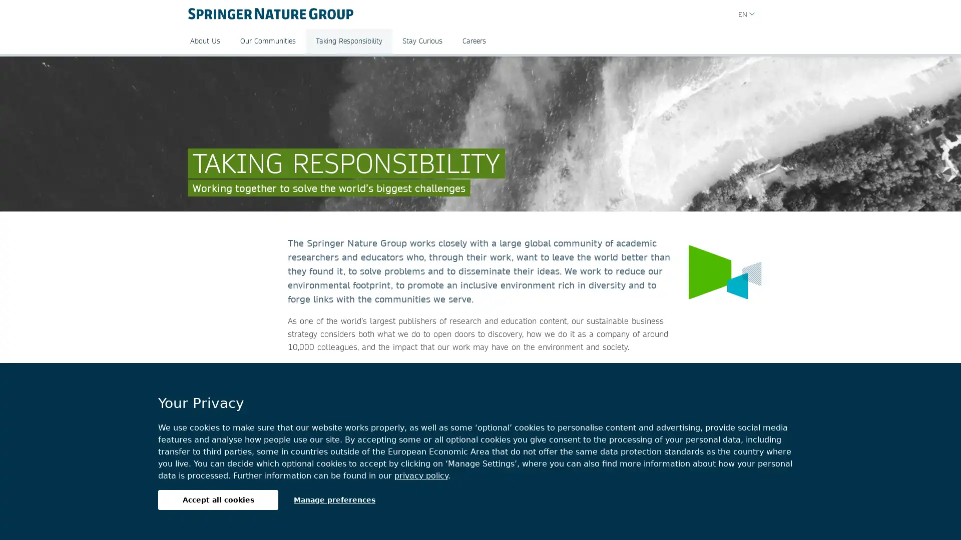  Describe the element at coordinates (218, 499) in the screenshot. I see `Accept all cookies` at that location.